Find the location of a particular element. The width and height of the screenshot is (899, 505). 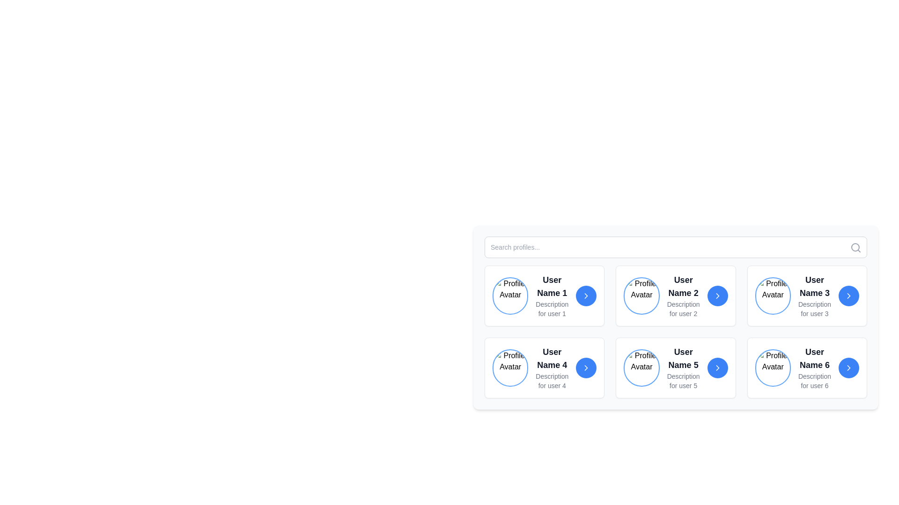

text block displaying 'User Name 3' in bold and large font, located in the rightmost column of the top row within the user profile segment is located at coordinates (814, 286).